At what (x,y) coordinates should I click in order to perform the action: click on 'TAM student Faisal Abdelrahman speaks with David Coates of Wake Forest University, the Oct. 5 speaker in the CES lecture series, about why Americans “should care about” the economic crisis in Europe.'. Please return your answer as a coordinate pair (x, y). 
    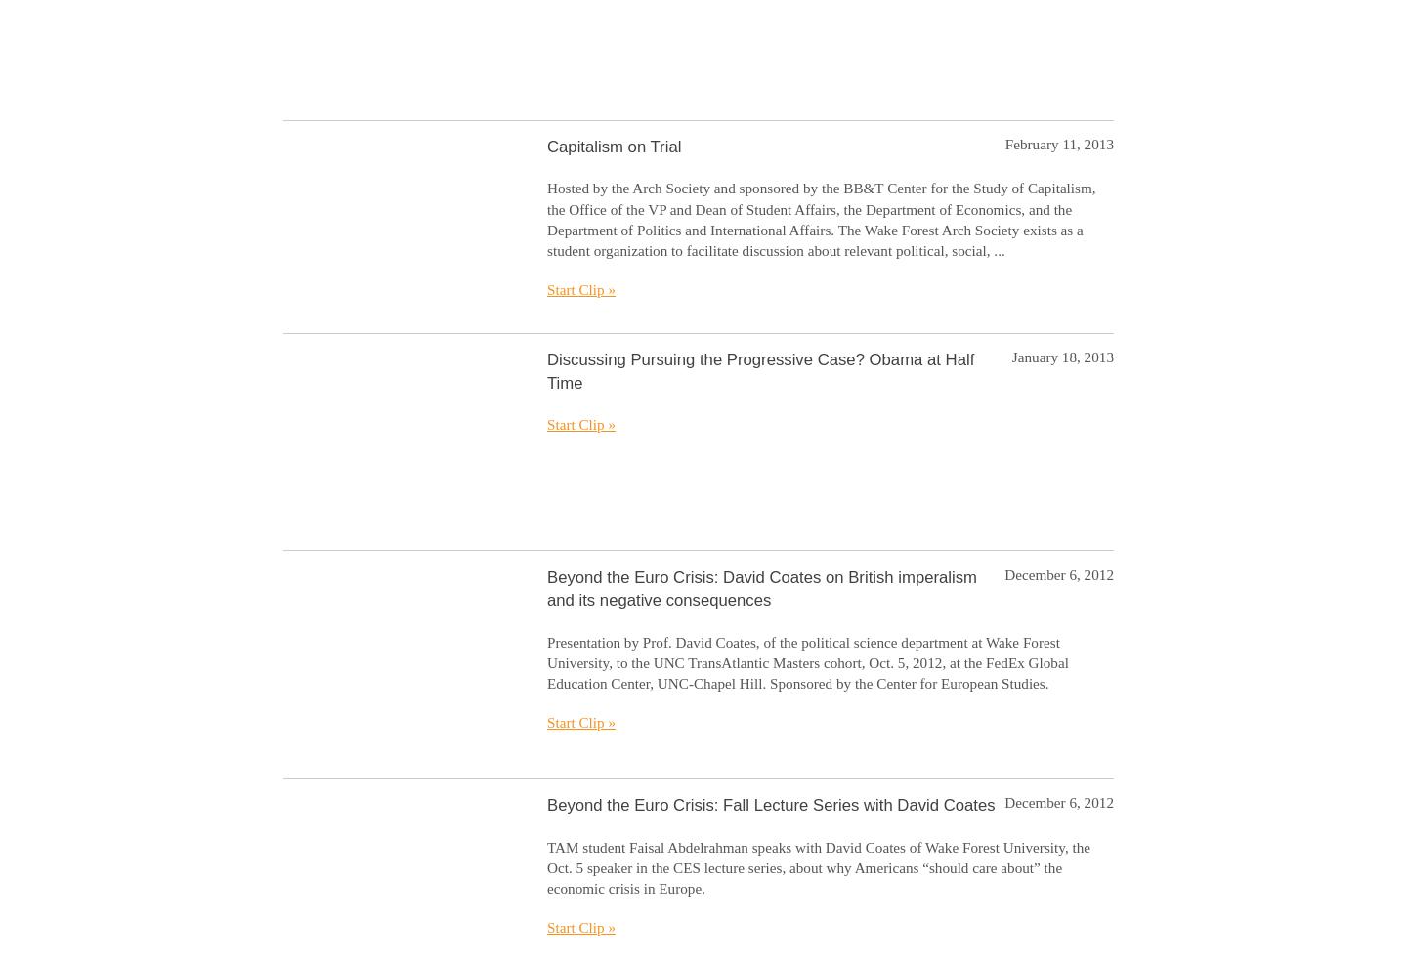
    Looking at the image, I should click on (818, 866).